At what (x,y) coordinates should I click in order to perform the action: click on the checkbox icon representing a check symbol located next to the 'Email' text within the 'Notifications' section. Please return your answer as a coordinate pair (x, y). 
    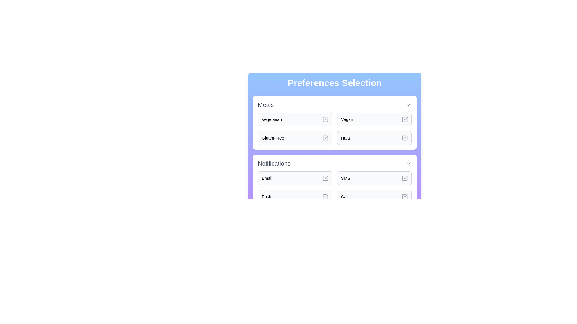
    Looking at the image, I should click on (325, 178).